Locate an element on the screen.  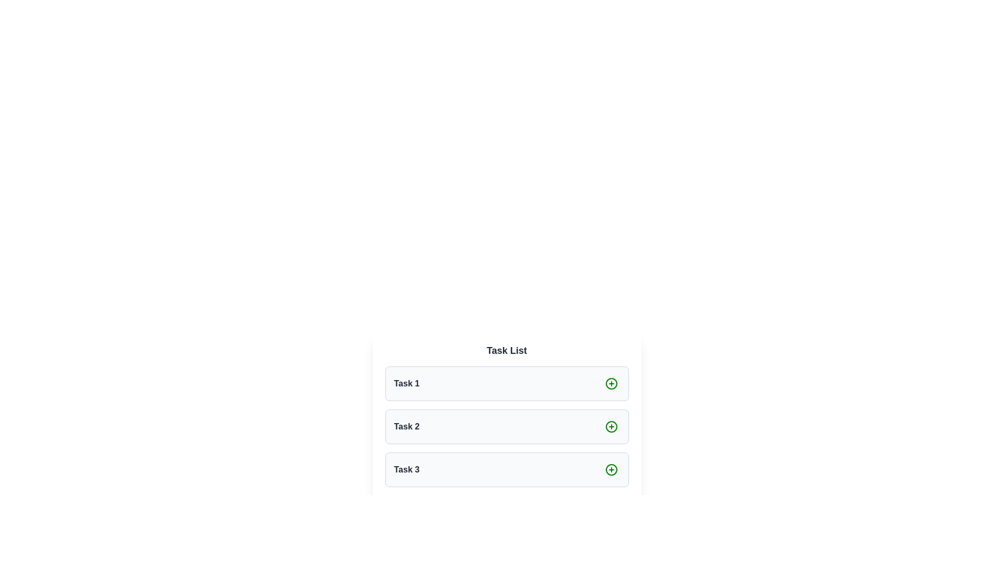
the SVG circle element that visually encloses the '+' symbol in the 'Add' icon, located at the end of the row for 'Task 1' is located at coordinates (611, 384).